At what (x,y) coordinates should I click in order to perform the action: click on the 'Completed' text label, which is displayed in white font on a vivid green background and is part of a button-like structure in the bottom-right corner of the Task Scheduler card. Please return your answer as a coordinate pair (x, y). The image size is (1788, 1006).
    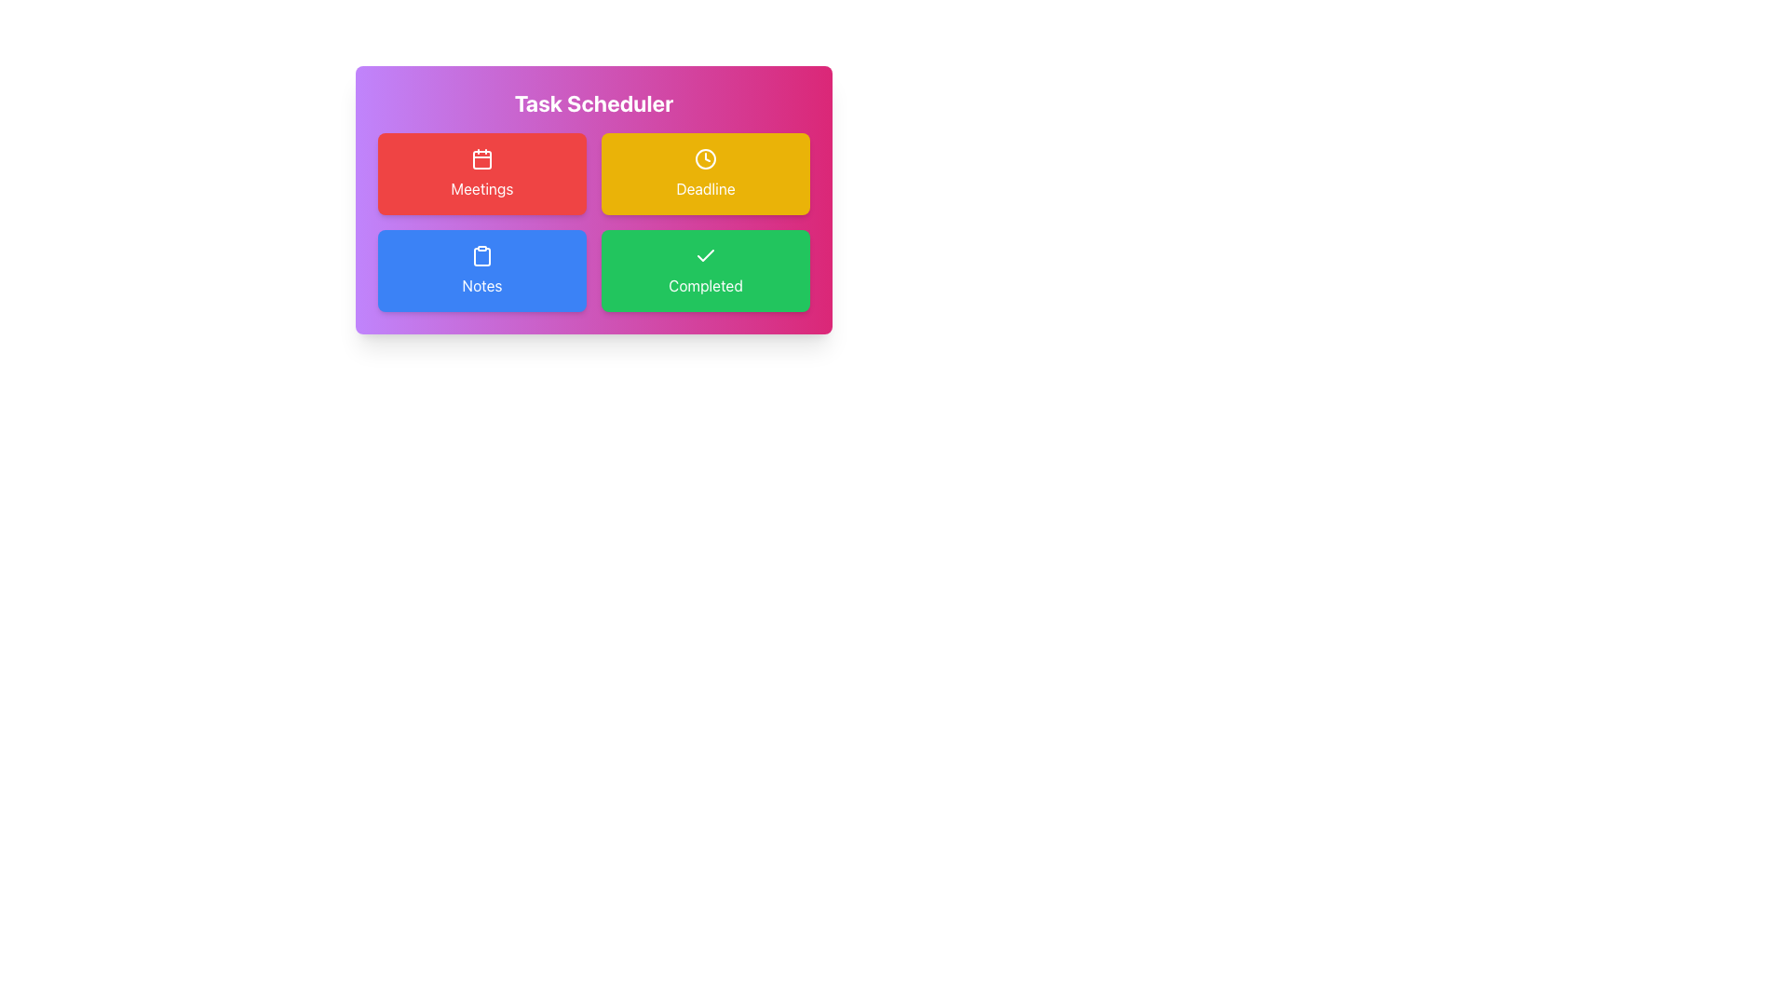
    Looking at the image, I should click on (705, 286).